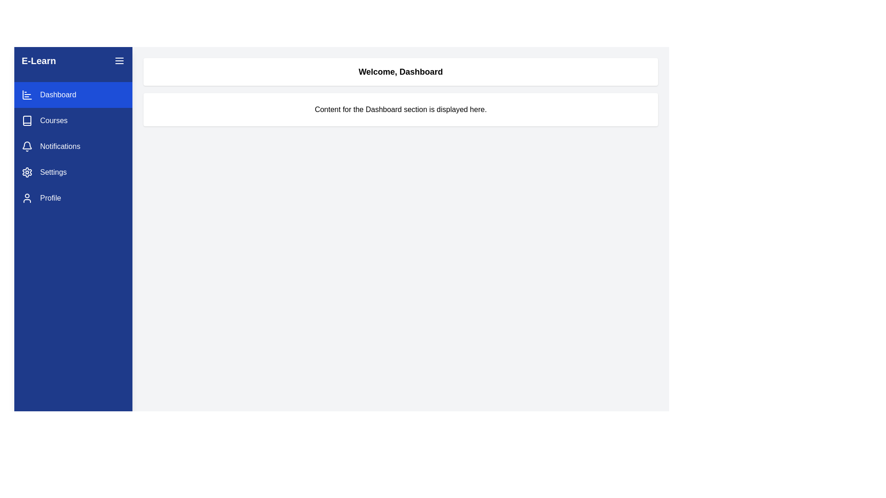 This screenshot has height=498, width=886. Describe the element at coordinates (53, 172) in the screenshot. I see `'Settings' text label located in the left vertical navigation bar, which is positioned fourth from the top and serves as a guide to access settings-related options` at that location.